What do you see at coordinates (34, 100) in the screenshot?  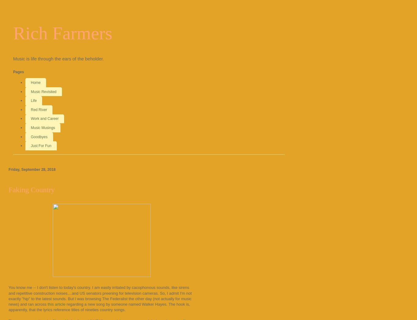 I see `'Life'` at bounding box center [34, 100].